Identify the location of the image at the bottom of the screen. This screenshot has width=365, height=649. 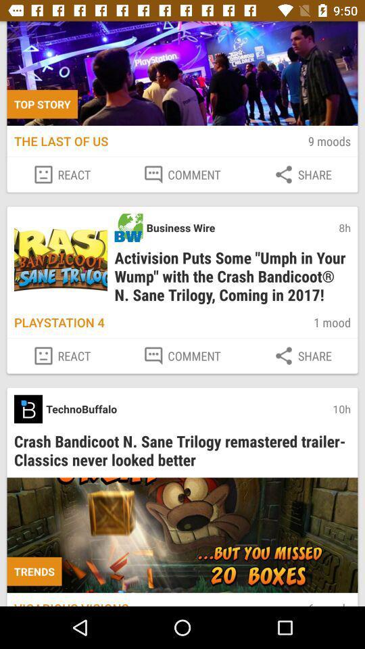
(182, 535).